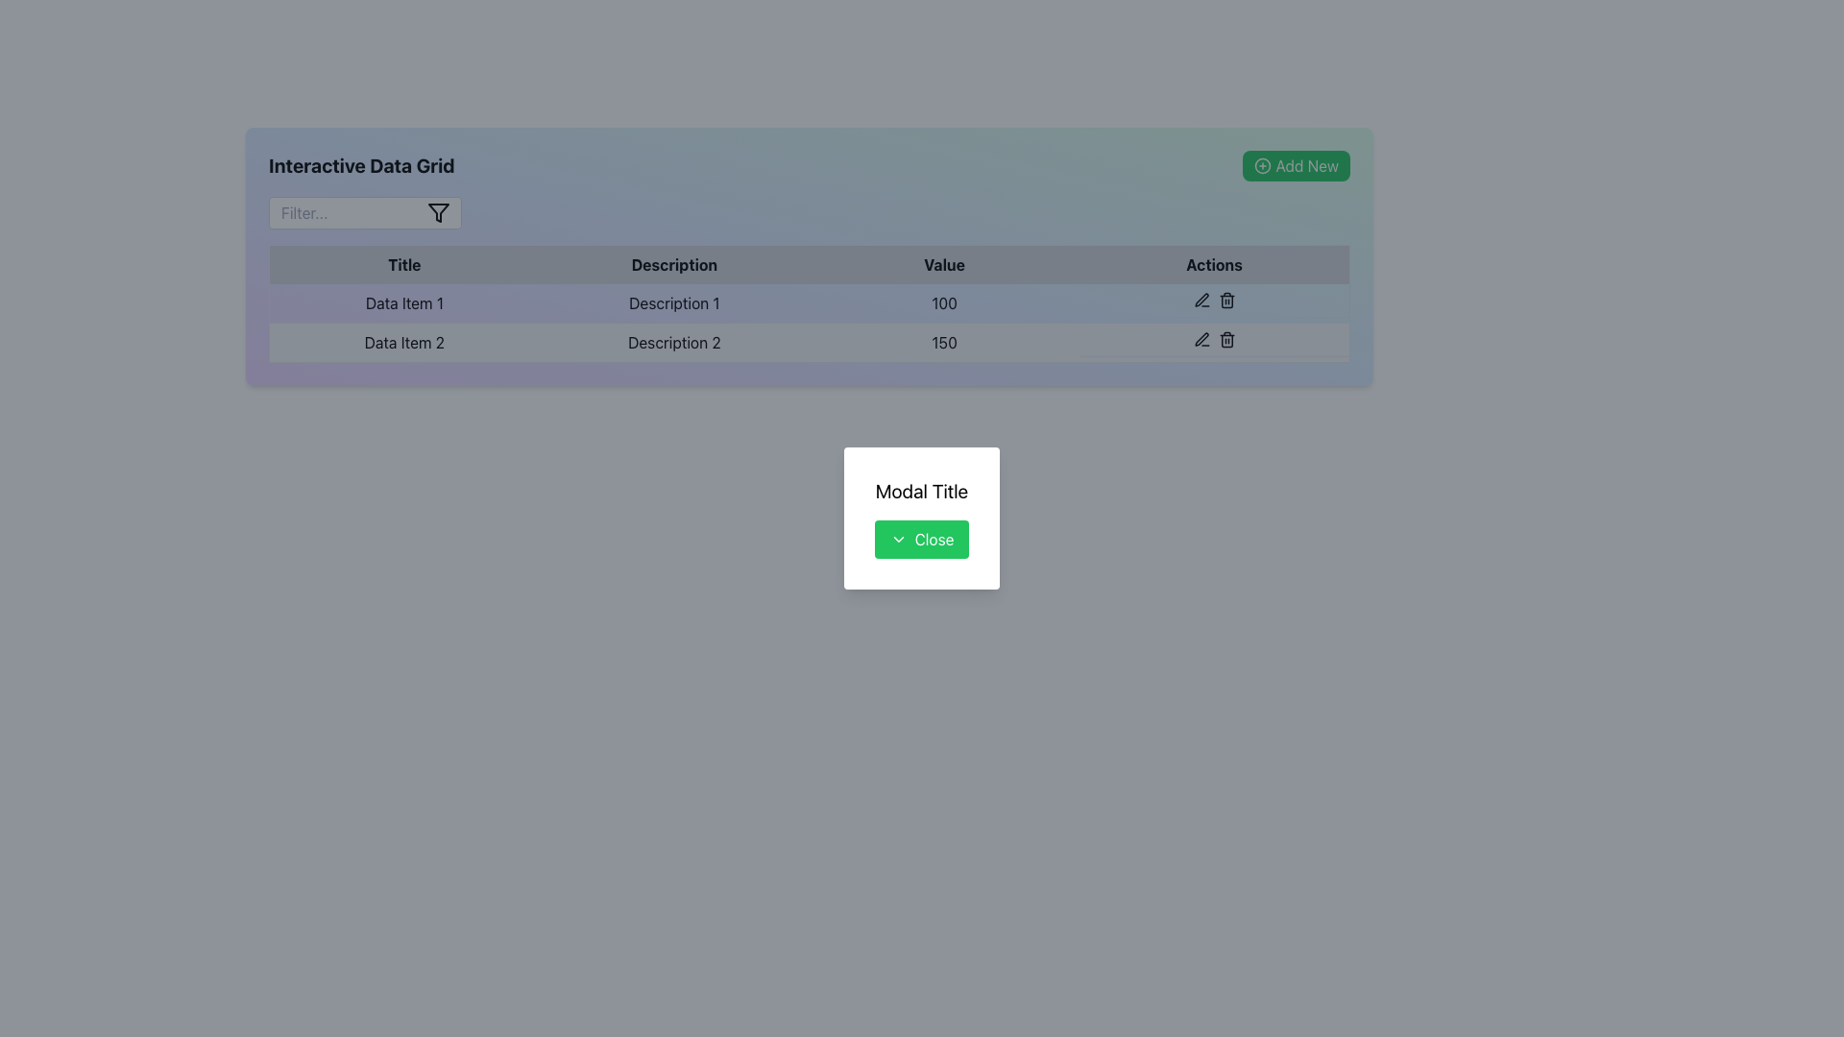 The image size is (1844, 1037). What do you see at coordinates (437, 213) in the screenshot?
I see `the filter icon, which is an SVG representation for initiating or customizing filtering operations on the data grid, located on the right side of the filter input box in the header` at bounding box center [437, 213].